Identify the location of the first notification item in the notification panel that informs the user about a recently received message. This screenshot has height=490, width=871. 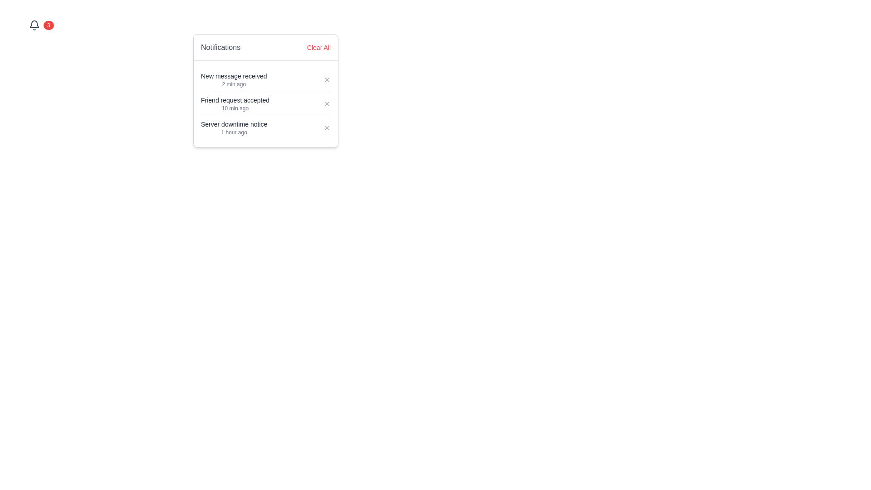
(234, 79).